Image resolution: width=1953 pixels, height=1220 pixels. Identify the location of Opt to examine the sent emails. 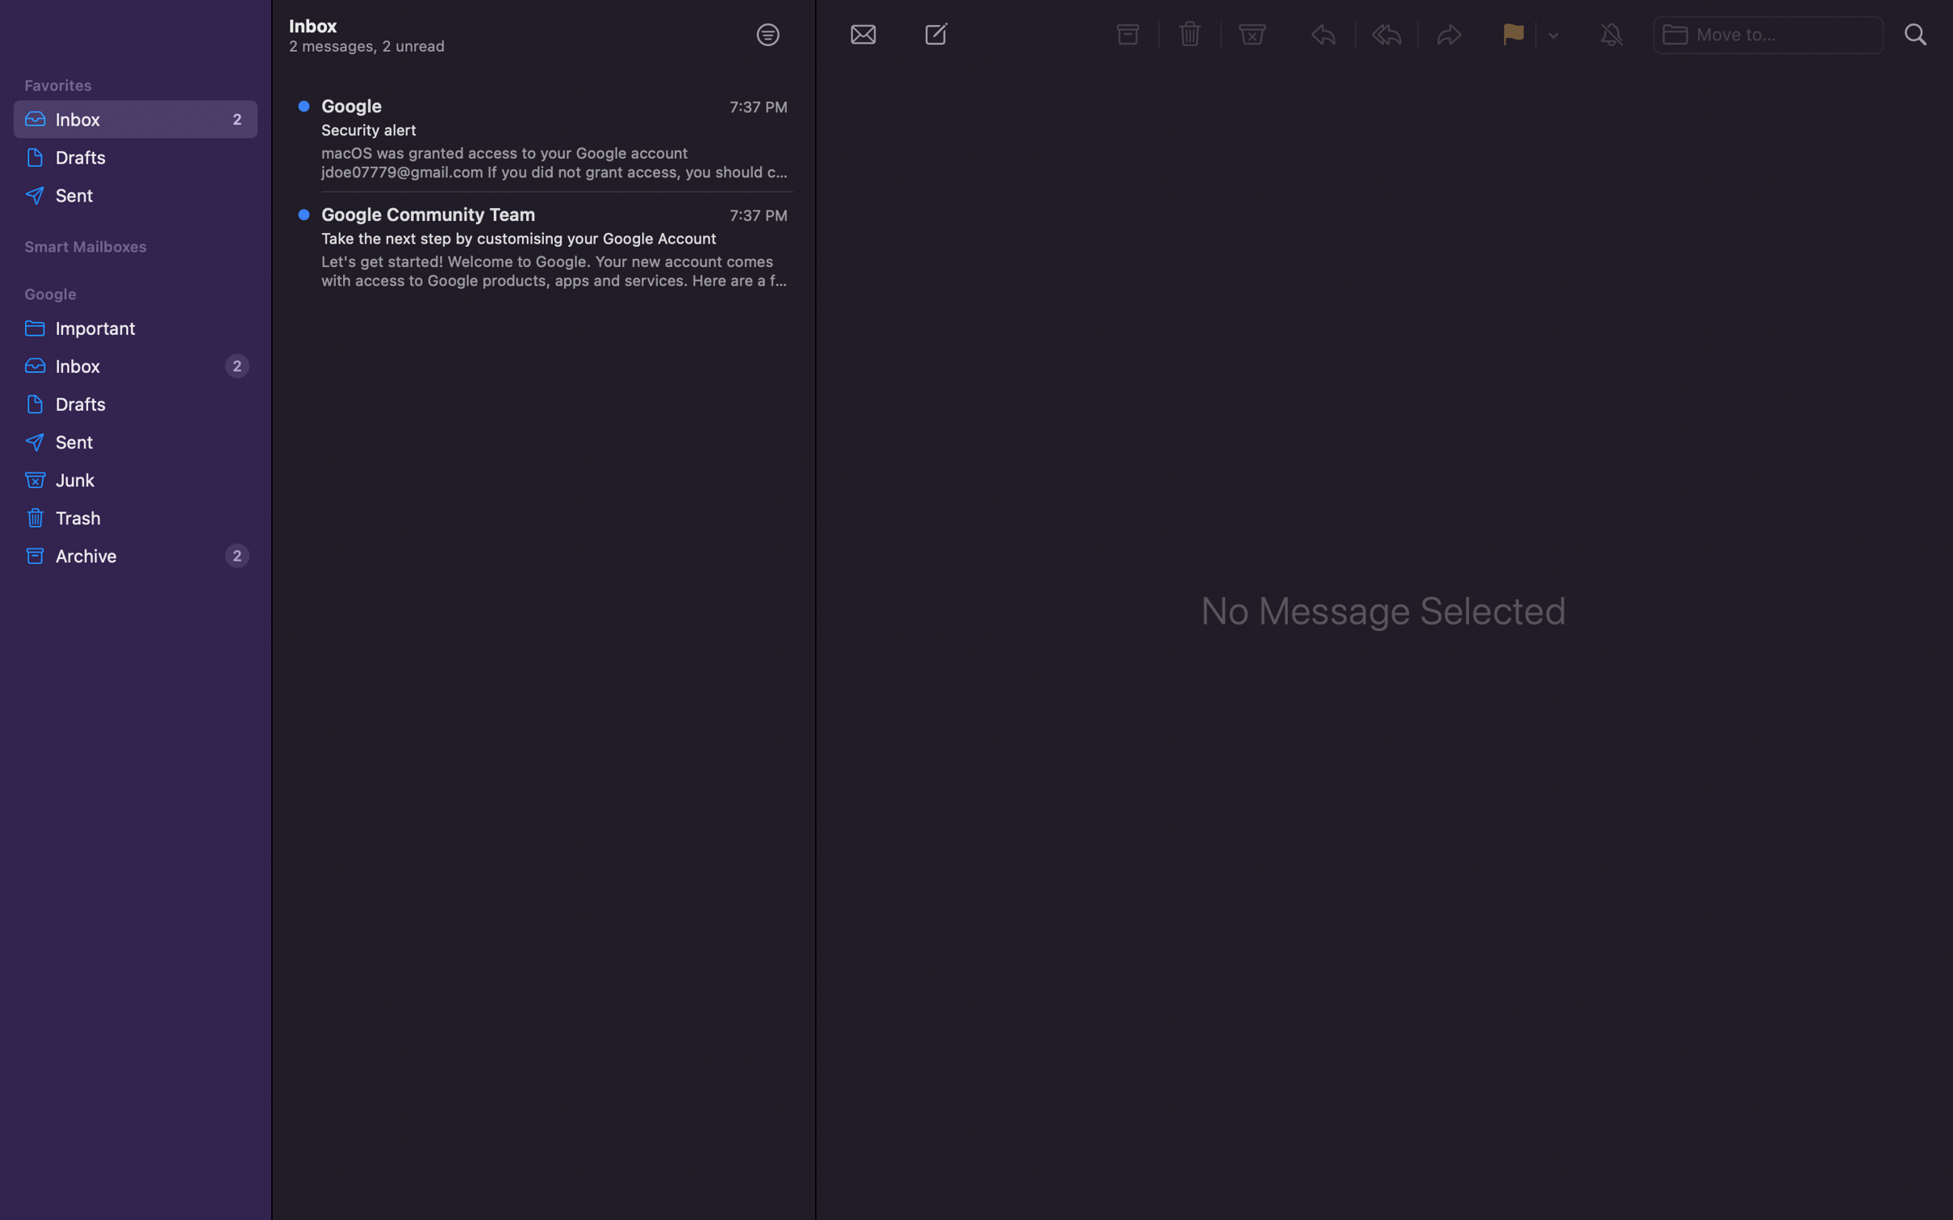
(138, 197).